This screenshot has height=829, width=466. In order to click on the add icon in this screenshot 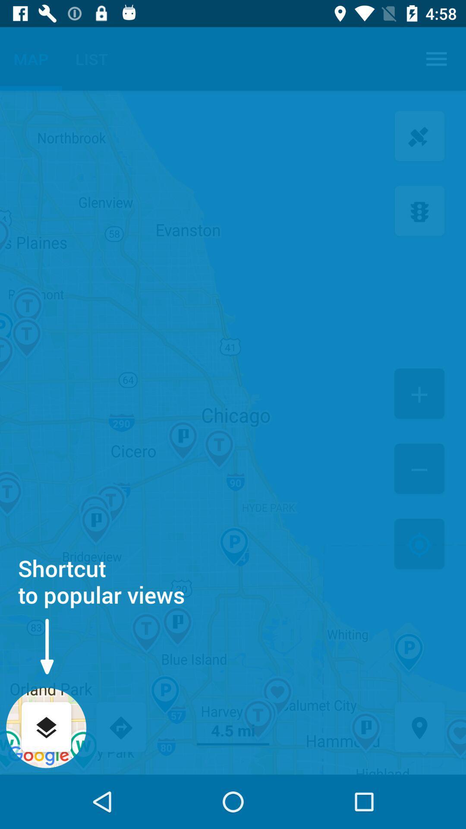, I will do `click(419, 394)`.